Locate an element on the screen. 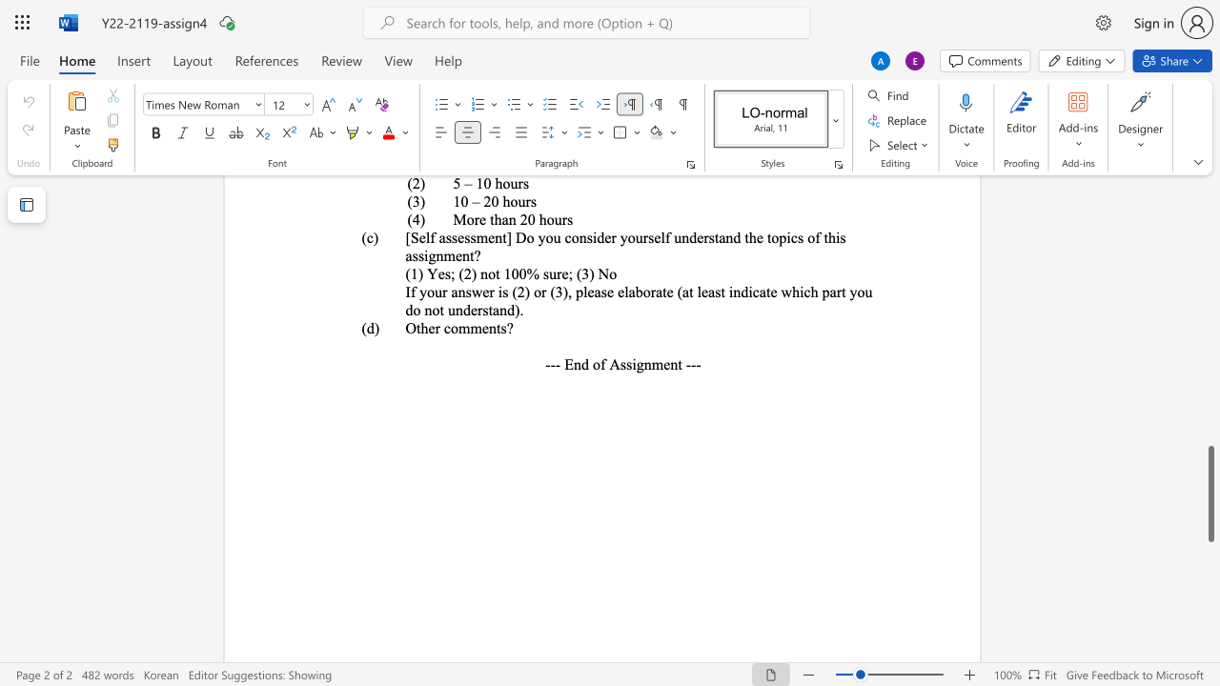 The width and height of the screenshot is (1220, 686). the right-hand scrollbar to ascend the page is located at coordinates (1210, 217).